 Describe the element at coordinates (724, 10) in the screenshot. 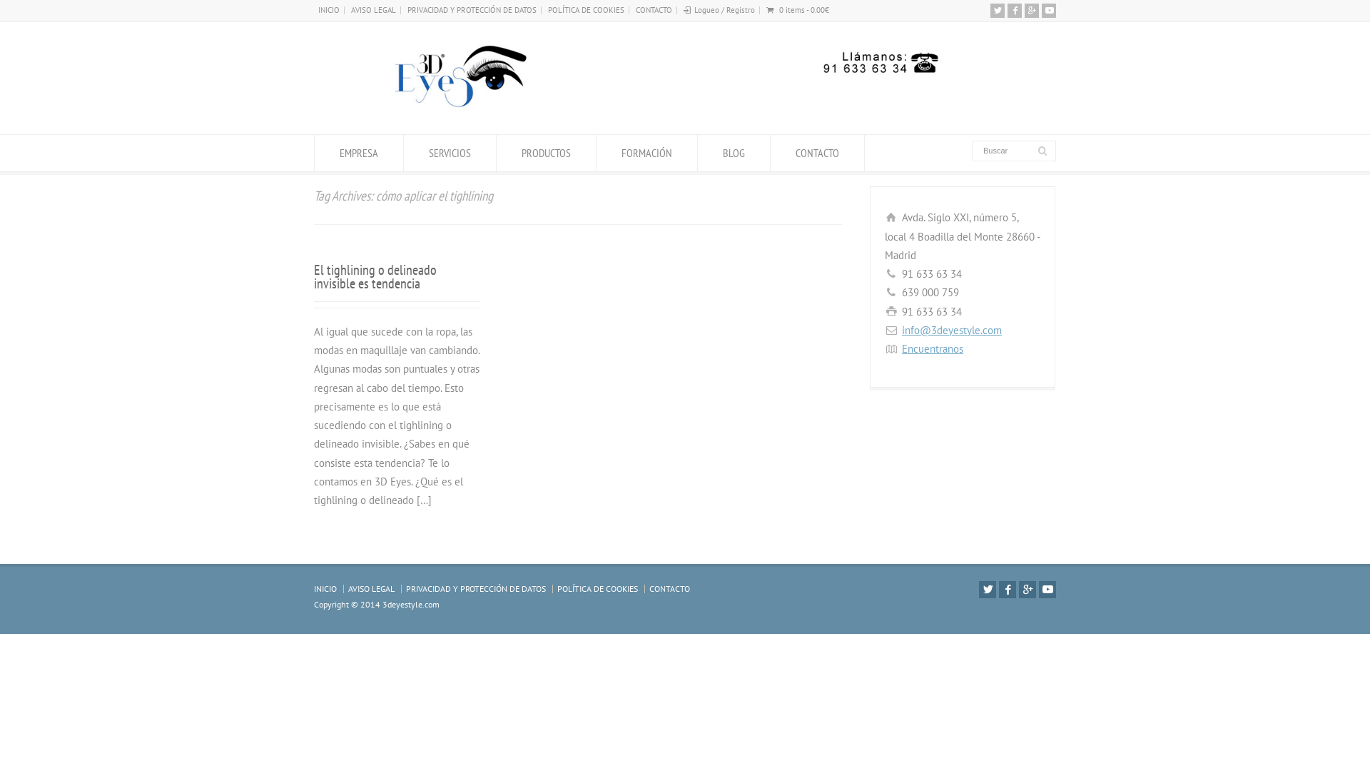

I see `'Logueo / Registro'` at that location.